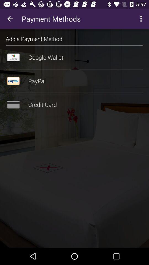 The image size is (149, 265). Describe the element at coordinates (74, 69) in the screenshot. I see `item above paypal` at that location.